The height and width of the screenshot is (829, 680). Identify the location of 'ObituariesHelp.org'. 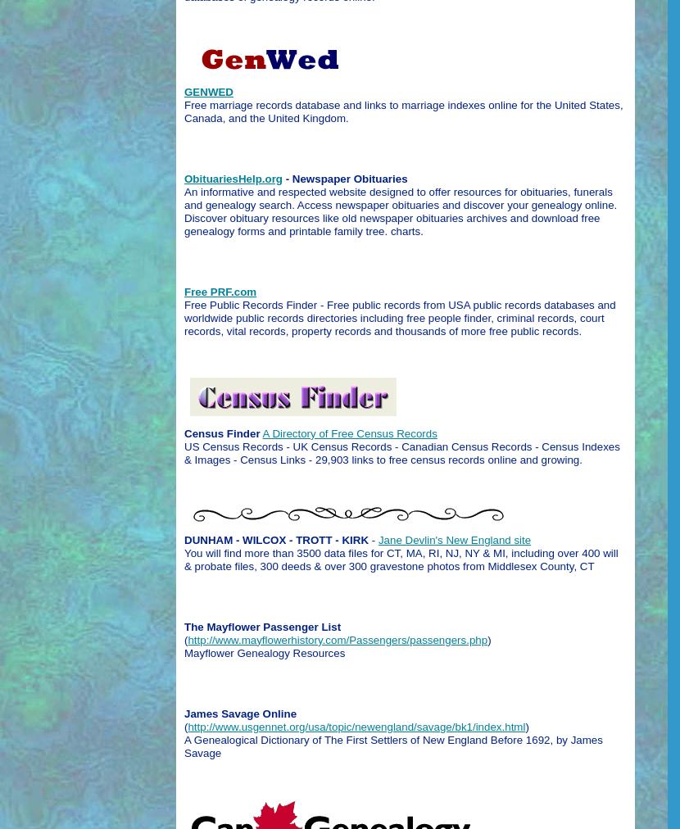
(233, 178).